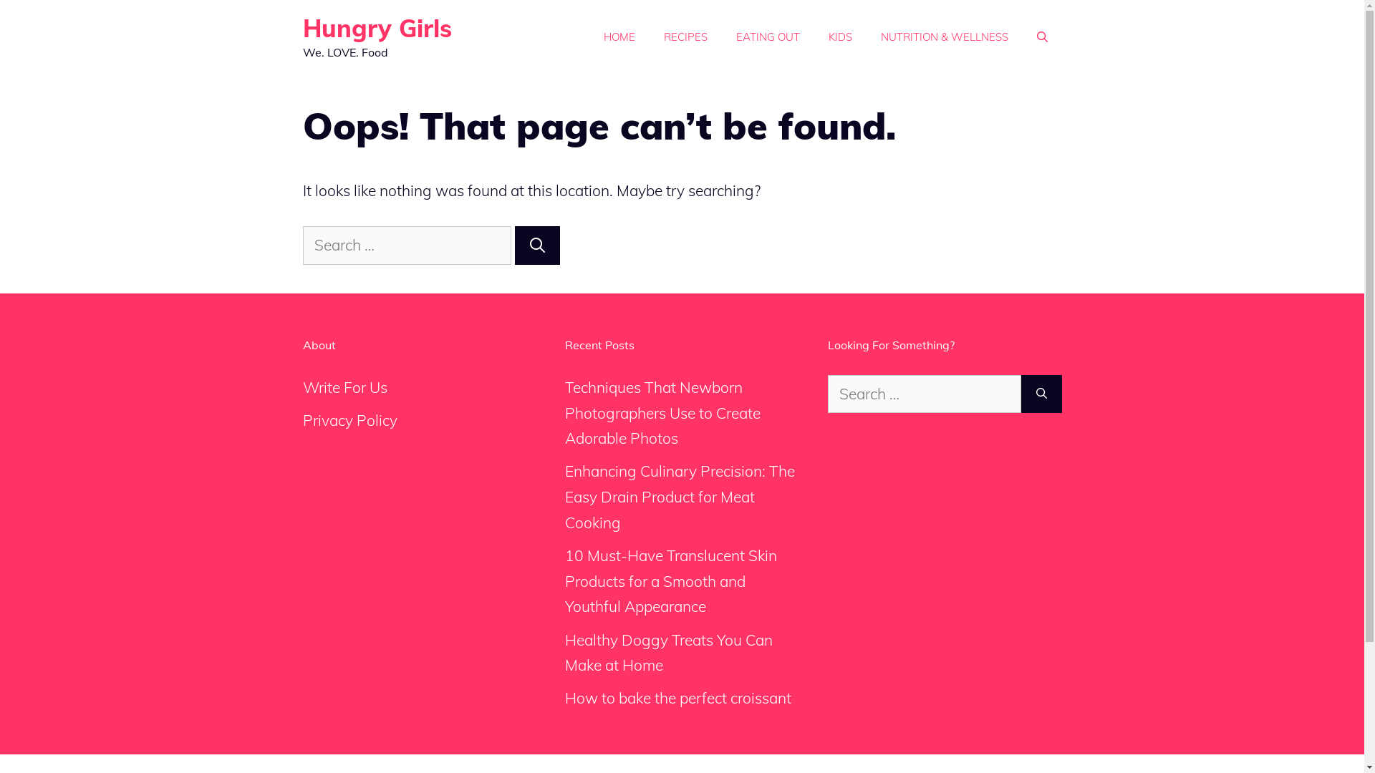 The width and height of the screenshot is (1375, 773). Describe the element at coordinates (668, 652) in the screenshot. I see `'Healthy Doggy Treats You Can Make at Home'` at that location.